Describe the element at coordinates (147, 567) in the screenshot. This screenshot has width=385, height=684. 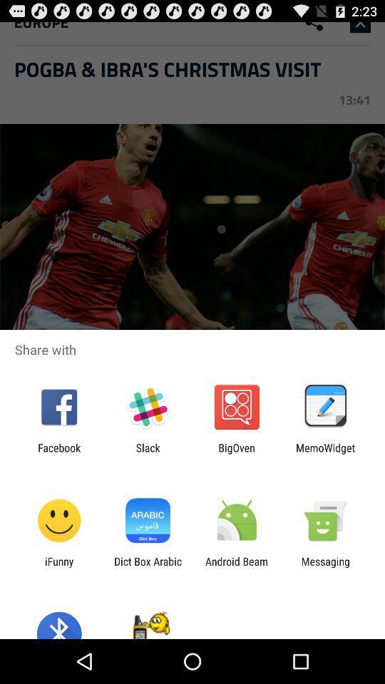
I see `item next to ifunny item` at that location.